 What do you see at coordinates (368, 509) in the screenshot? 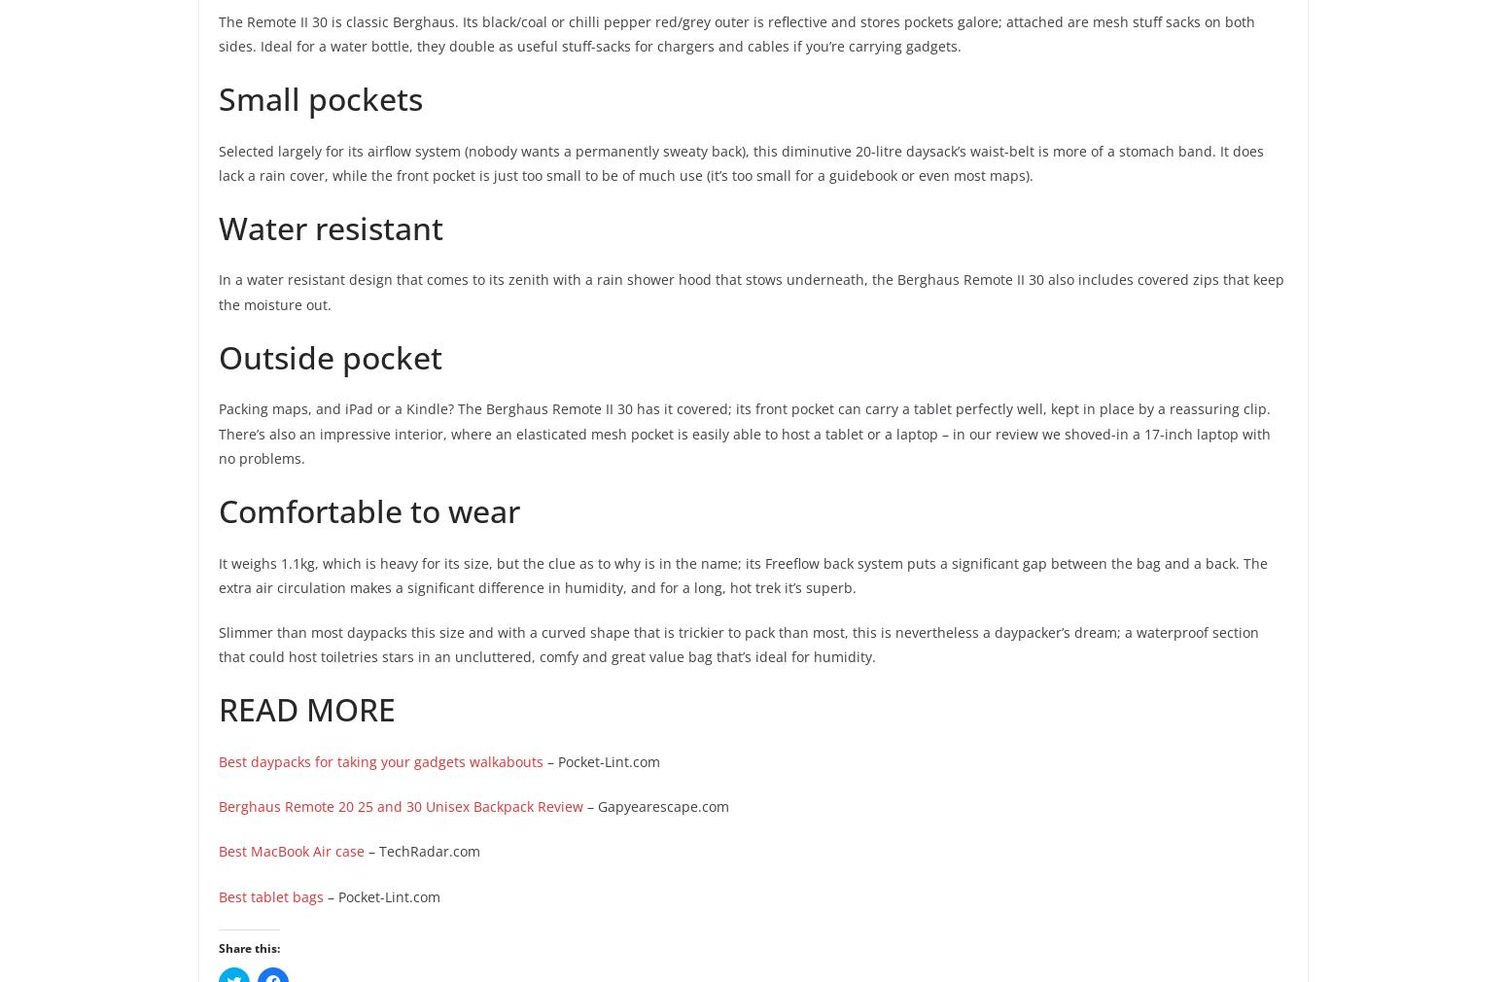
I see `'Comfortable to wear'` at bounding box center [368, 509].